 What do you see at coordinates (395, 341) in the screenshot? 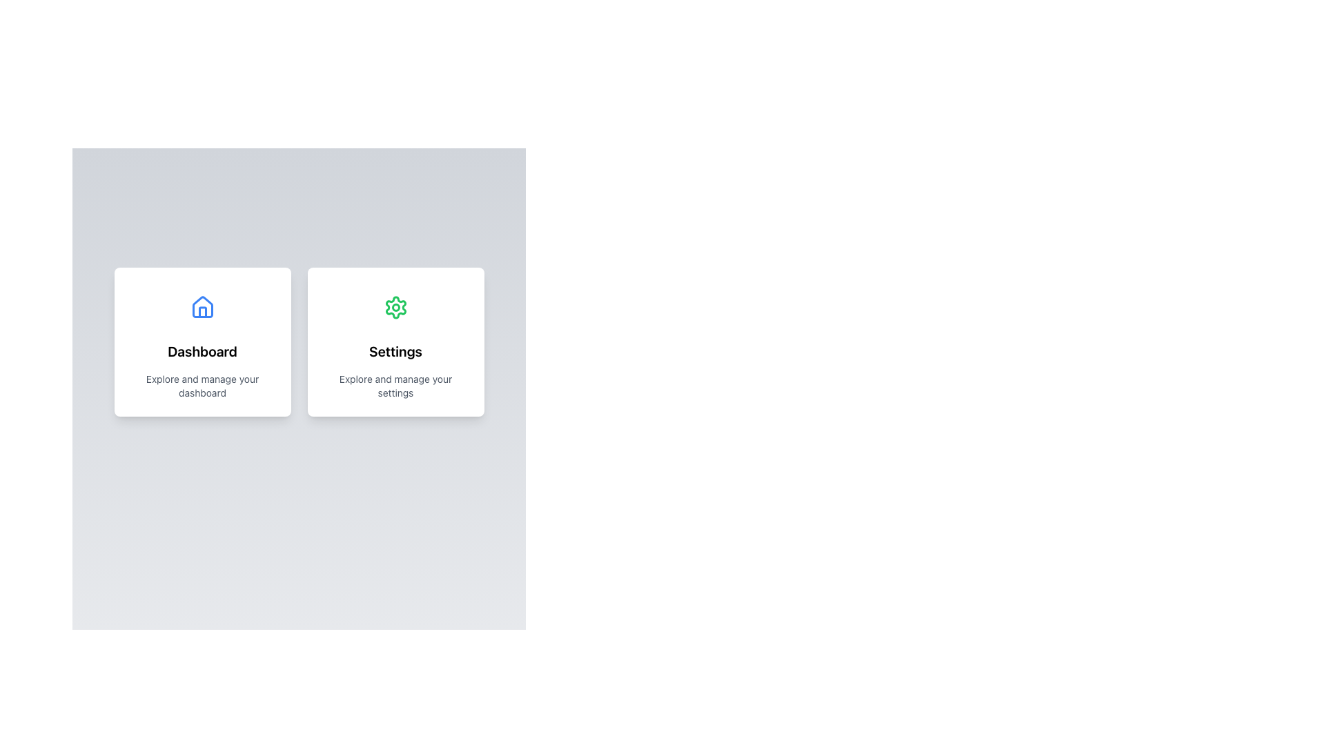
I see `the navigation card that serves as a visual indicator for settings-related functionalities, positioned as the second card in a horizontal set near the top of the interface` at bounding box center [395, 341].